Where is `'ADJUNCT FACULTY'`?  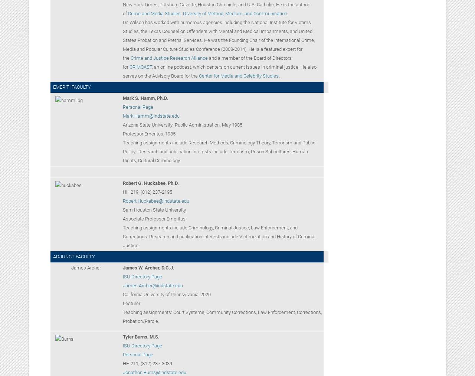
'ADJUNCT FACULTY' is located at coordinates (52, 256).